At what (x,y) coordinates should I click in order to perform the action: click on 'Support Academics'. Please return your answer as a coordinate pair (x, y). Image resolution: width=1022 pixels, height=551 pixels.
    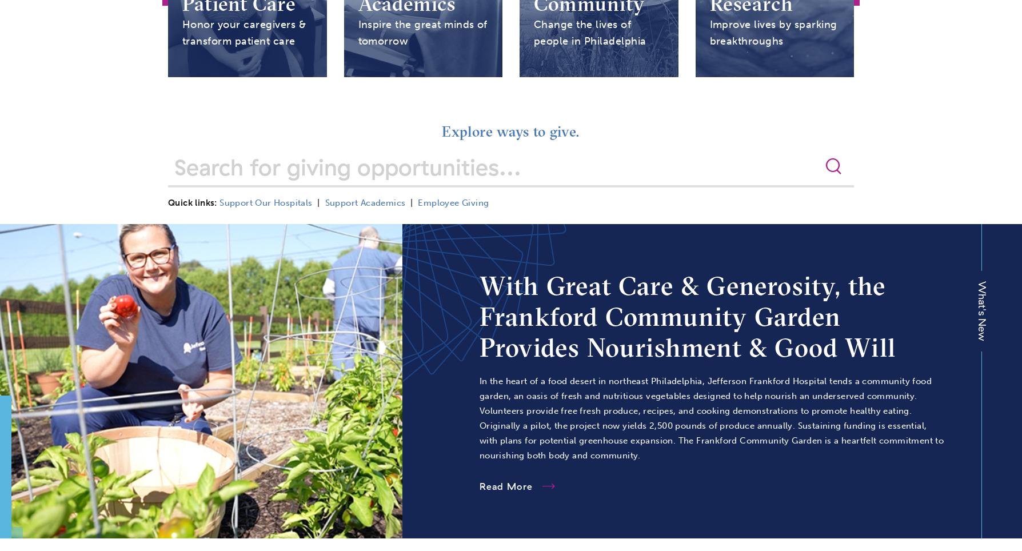
    Looking at the image, I should click on (365, 202).